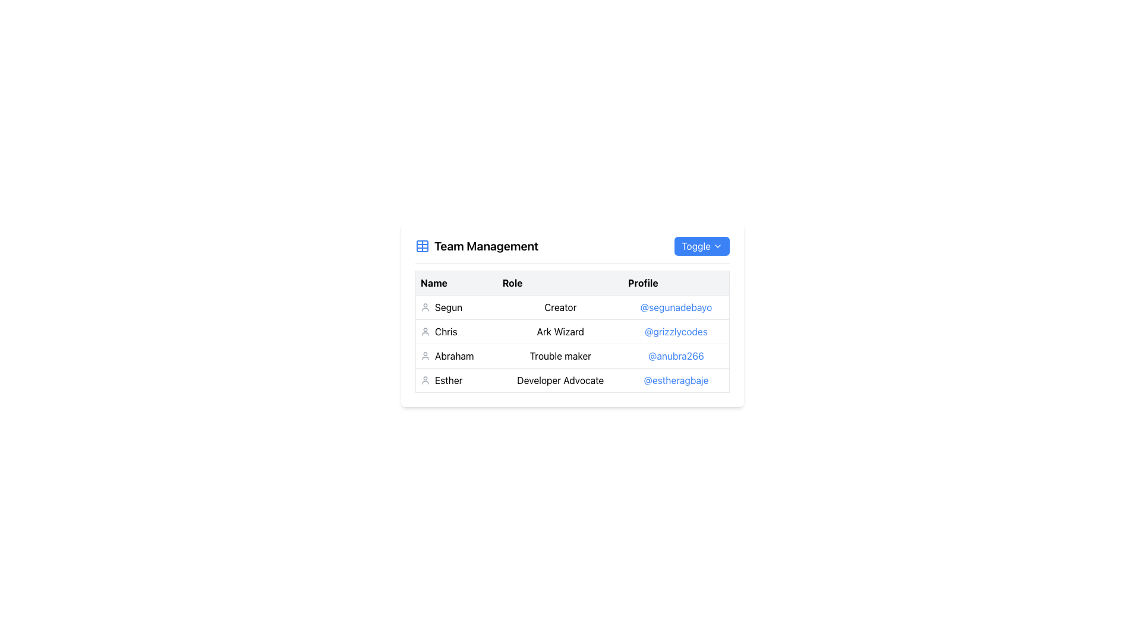  I want to click on the non-interactive text label representing the role of user 'Abraham' in the 'Team Management' table, located in the third row under the 'Role' column, so click(560, 356).